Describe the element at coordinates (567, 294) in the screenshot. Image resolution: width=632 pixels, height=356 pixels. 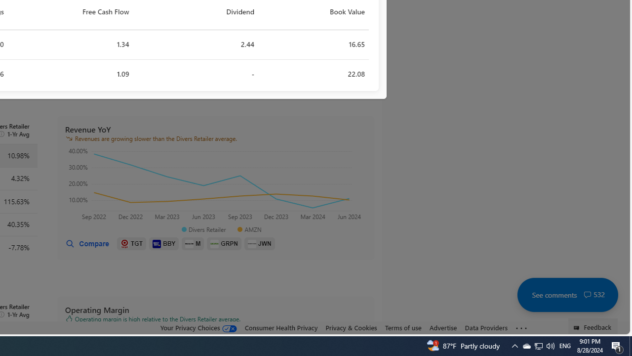
I see `'See comments 532'` at that location.